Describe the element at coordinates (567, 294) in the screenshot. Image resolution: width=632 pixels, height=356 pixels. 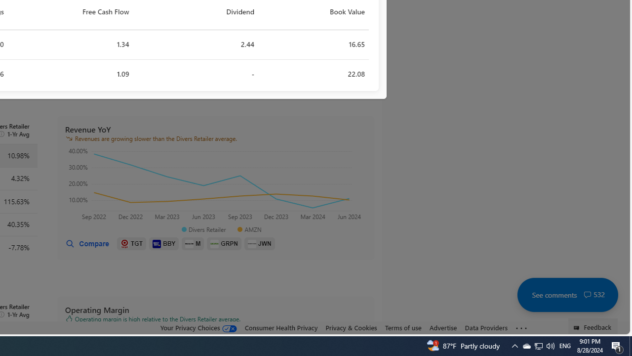
I see `'See comments 532'` at that location.